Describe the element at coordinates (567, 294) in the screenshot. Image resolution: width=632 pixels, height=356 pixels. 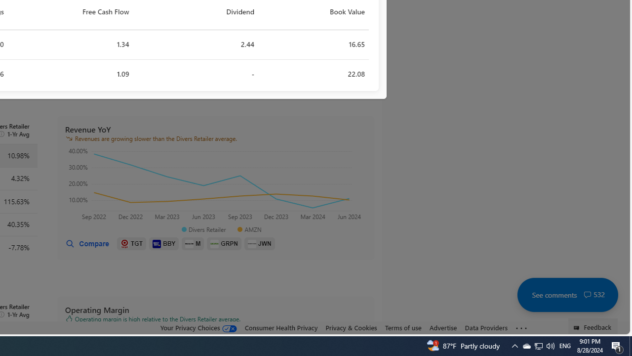
I see `'See comments 532'` at that location.